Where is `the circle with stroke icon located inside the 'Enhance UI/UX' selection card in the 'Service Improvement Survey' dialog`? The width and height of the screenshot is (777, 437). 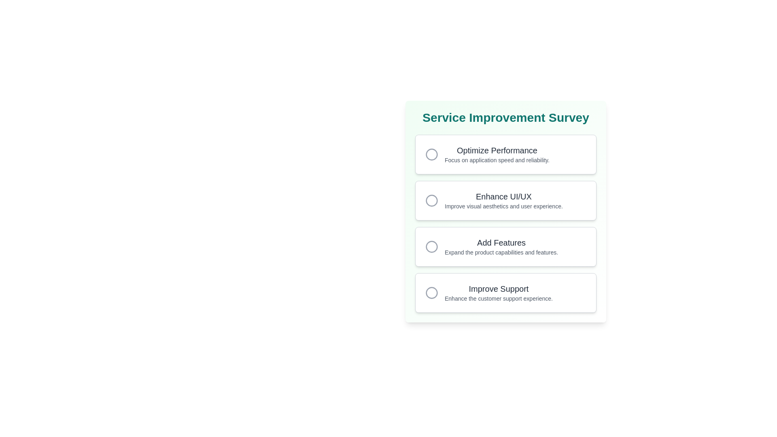
the circle with stroke icon located inside the 'Enhance UI/UX' selection card in the 'Service Improvement Survey' dialog is located at coordinates (431, 200).